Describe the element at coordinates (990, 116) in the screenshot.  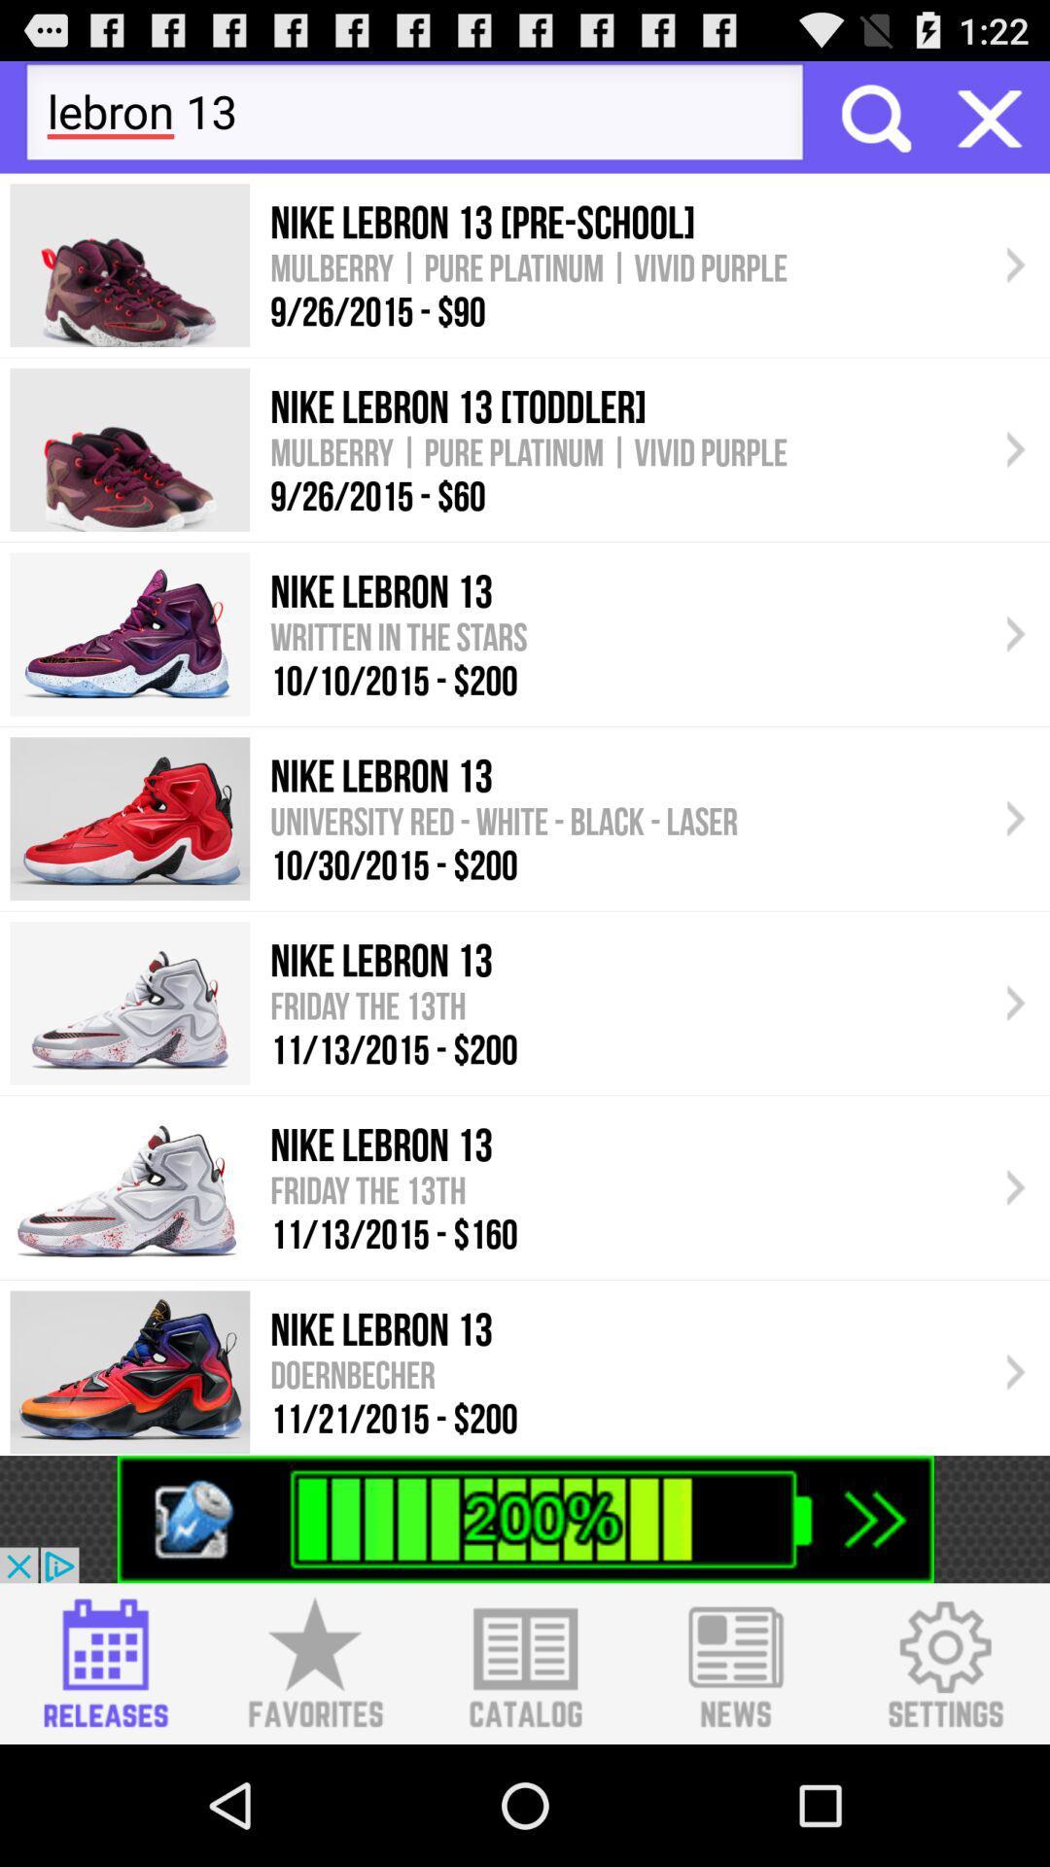
I see `autoplay option turned on` at that location.